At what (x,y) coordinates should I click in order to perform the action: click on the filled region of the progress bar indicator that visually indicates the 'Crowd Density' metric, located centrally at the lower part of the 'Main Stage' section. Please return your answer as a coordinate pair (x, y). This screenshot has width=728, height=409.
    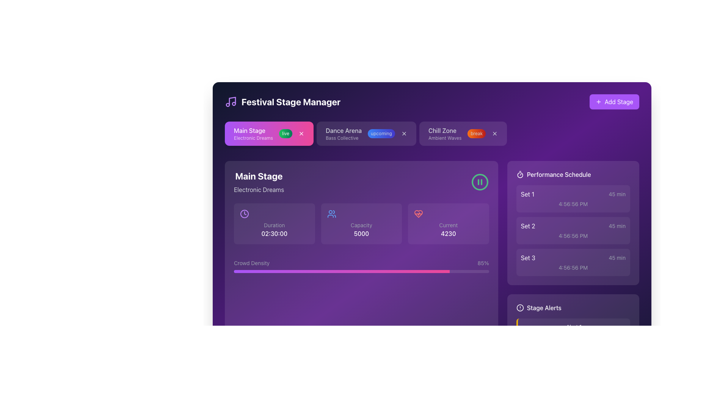
    Looking at the image, I should click on (341, 271).